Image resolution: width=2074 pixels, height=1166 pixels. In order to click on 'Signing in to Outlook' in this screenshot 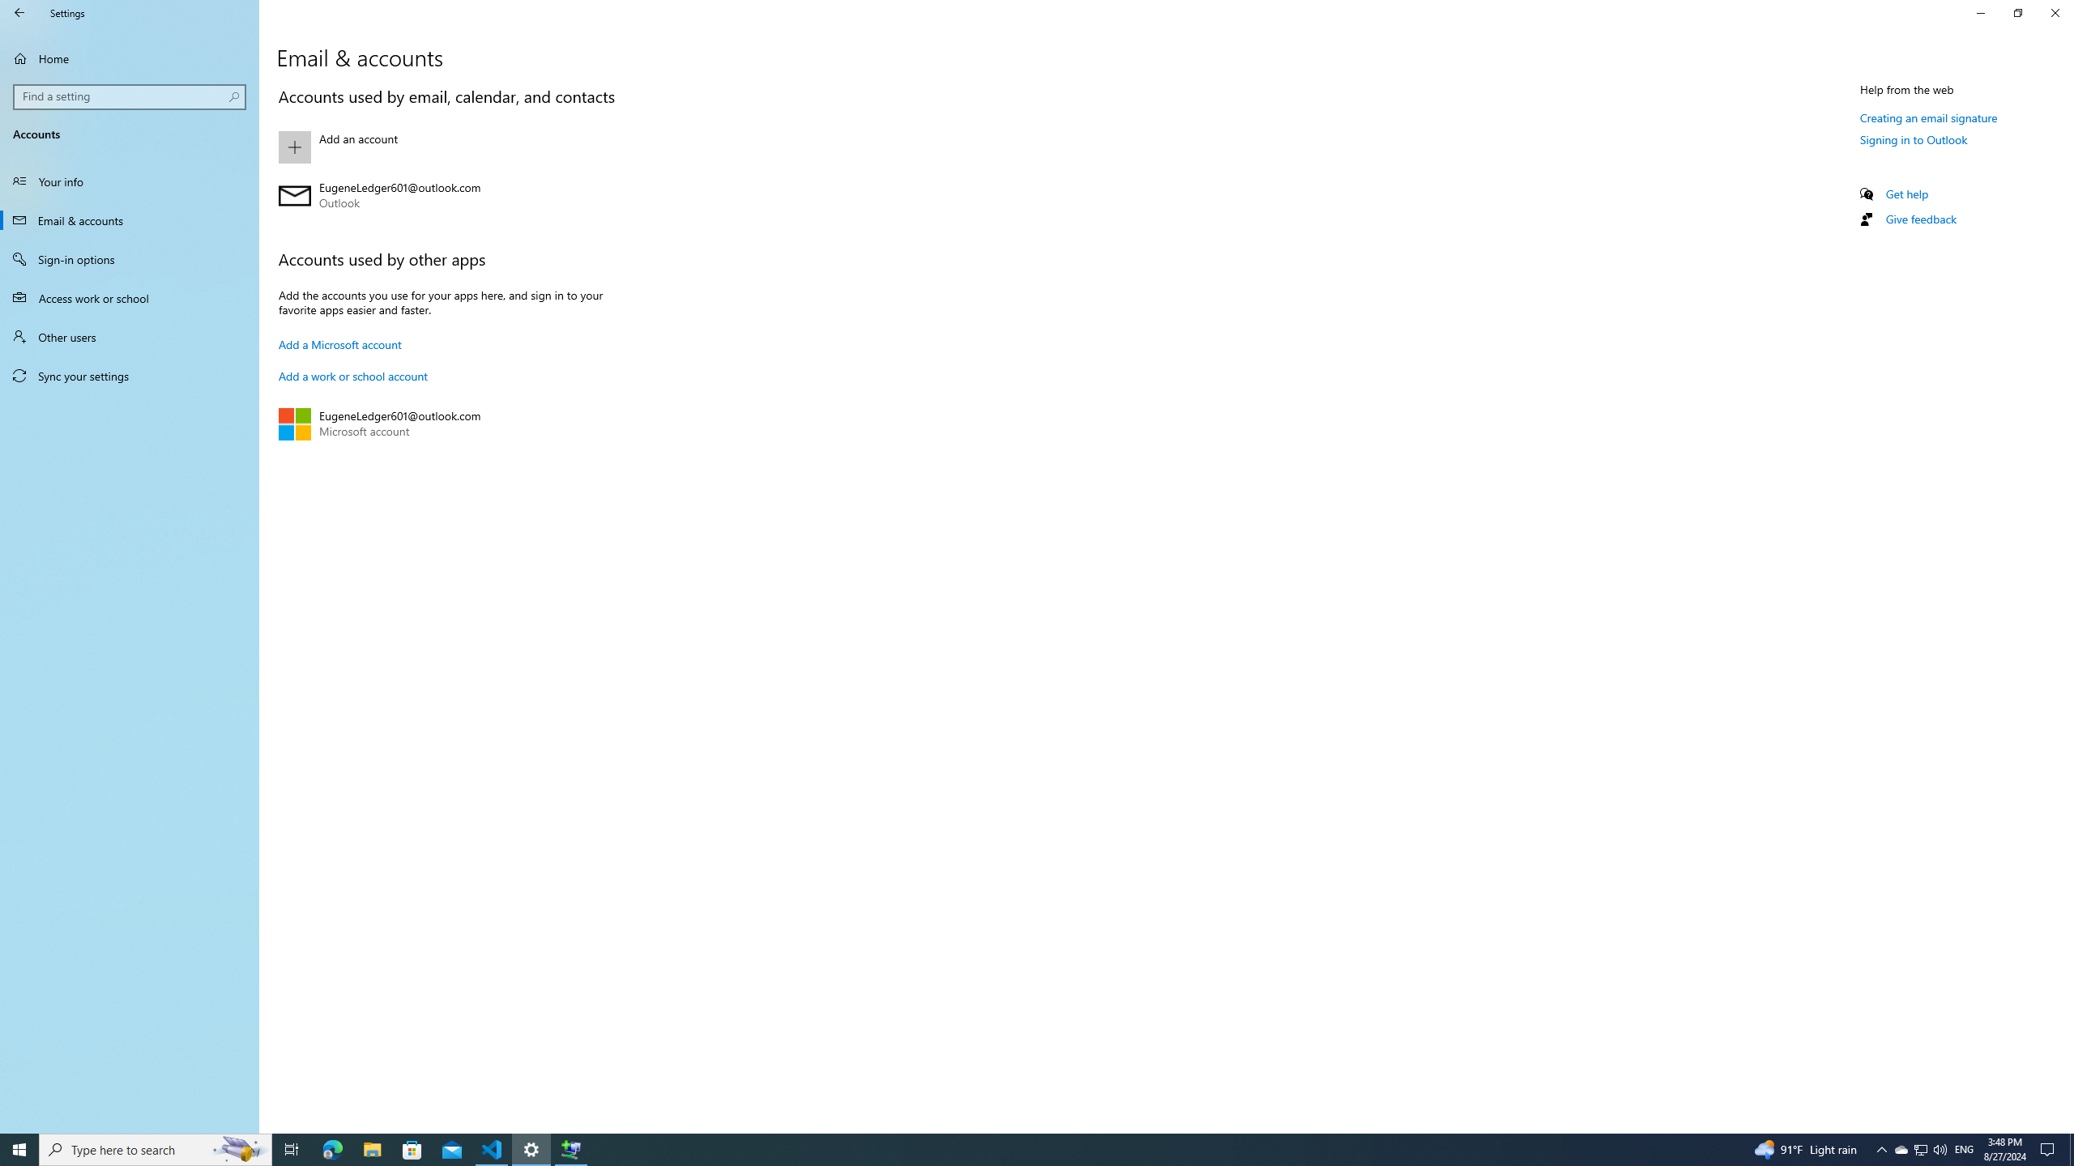, I will do `click(1913, 139)`.